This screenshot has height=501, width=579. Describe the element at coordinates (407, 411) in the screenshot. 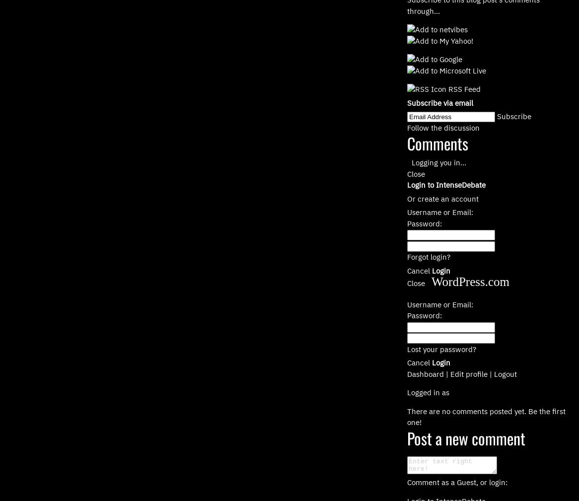

I see `'There are no comments posted yet.'` at that location.